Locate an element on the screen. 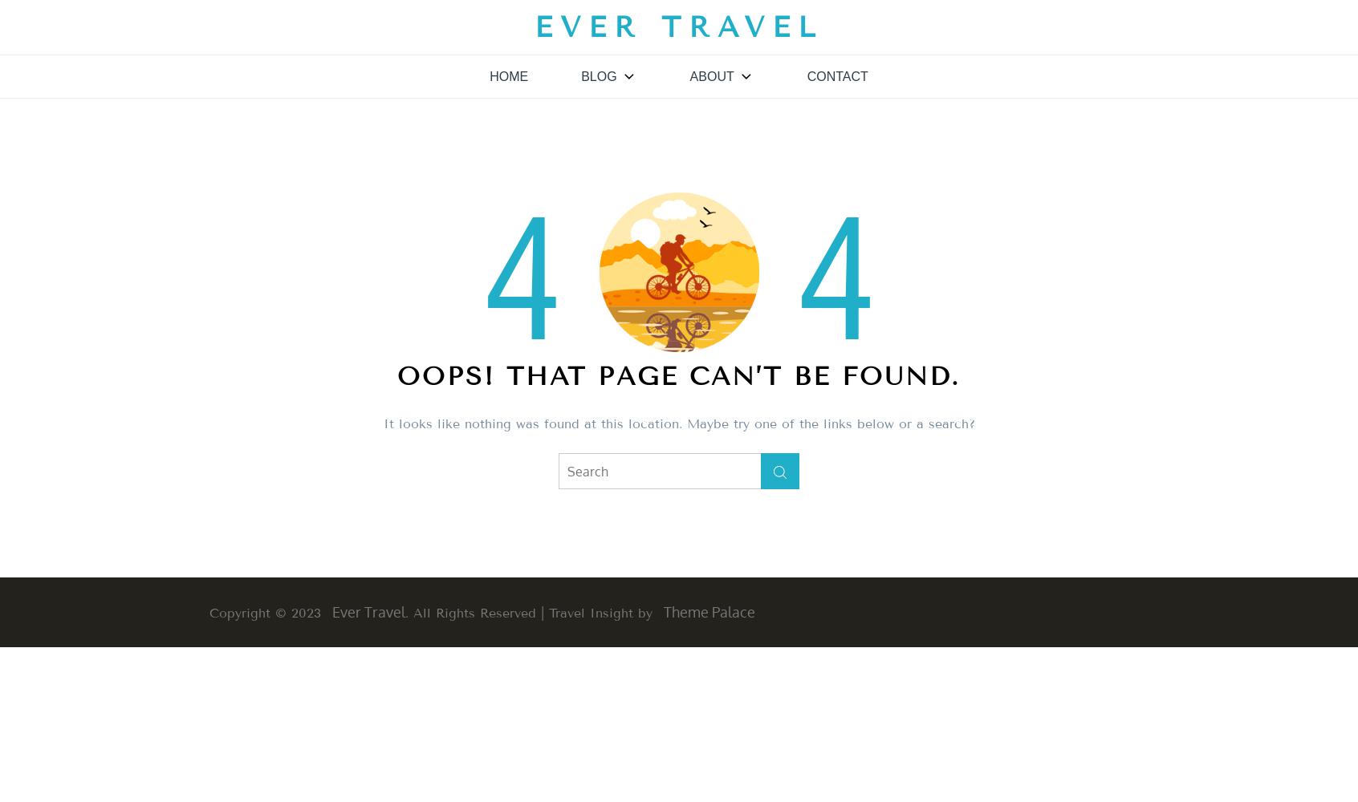 Image resolution: width=1358 pixels, height=802 pixels. 'Contact' is located at coordinates (806, 75).